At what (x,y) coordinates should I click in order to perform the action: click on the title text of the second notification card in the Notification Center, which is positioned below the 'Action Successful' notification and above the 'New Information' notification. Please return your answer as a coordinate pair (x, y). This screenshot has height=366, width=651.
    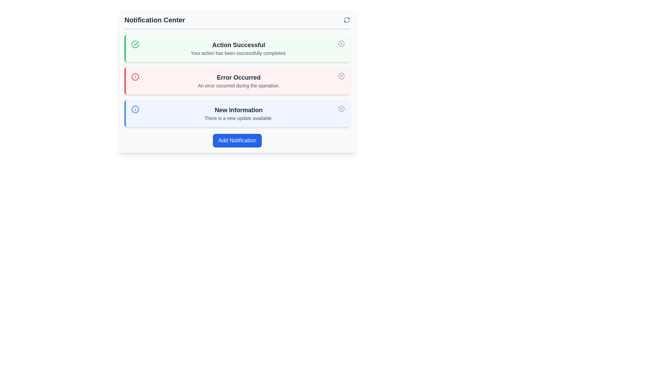
    Looking at the image, I should click on (239, 77).